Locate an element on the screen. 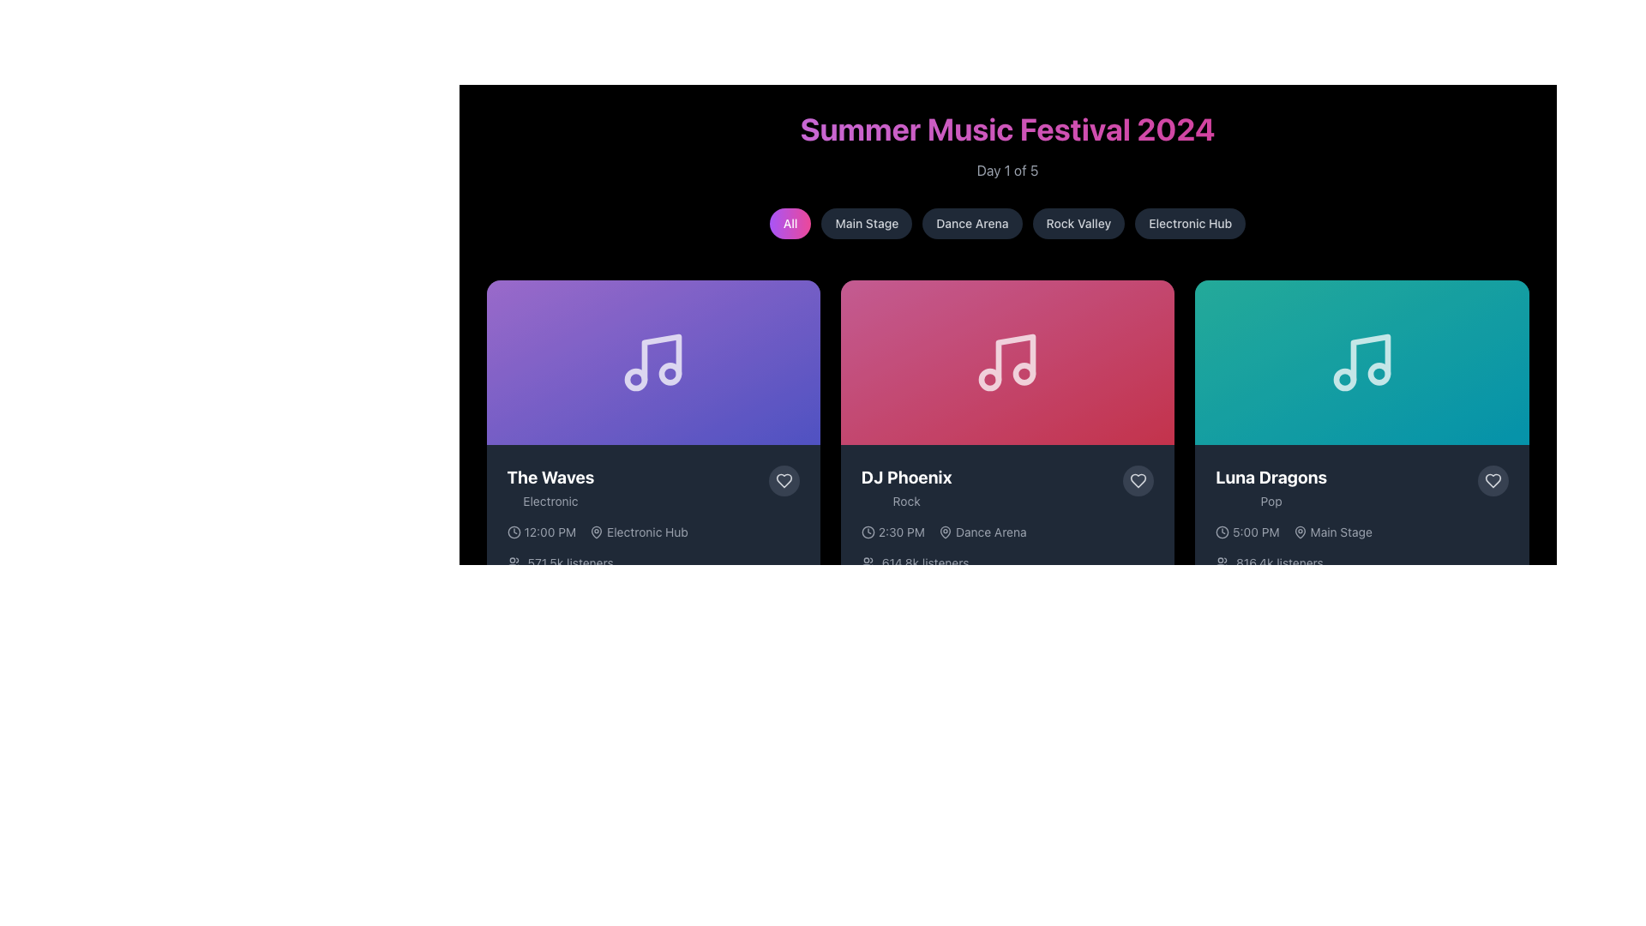 This screenshot has height=926, width=1646. the heart icon located at the bottom-right corner of the 'Luna Dragons' card is located at coordinates (1492, 480).